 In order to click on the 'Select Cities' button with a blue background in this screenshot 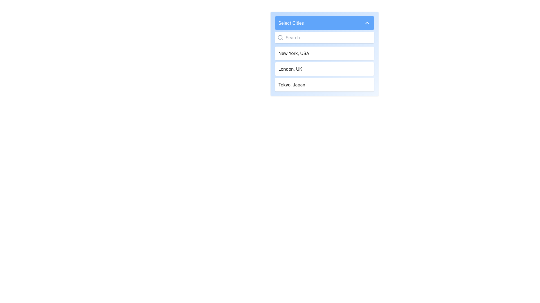, I will do `click(324, 22)`.